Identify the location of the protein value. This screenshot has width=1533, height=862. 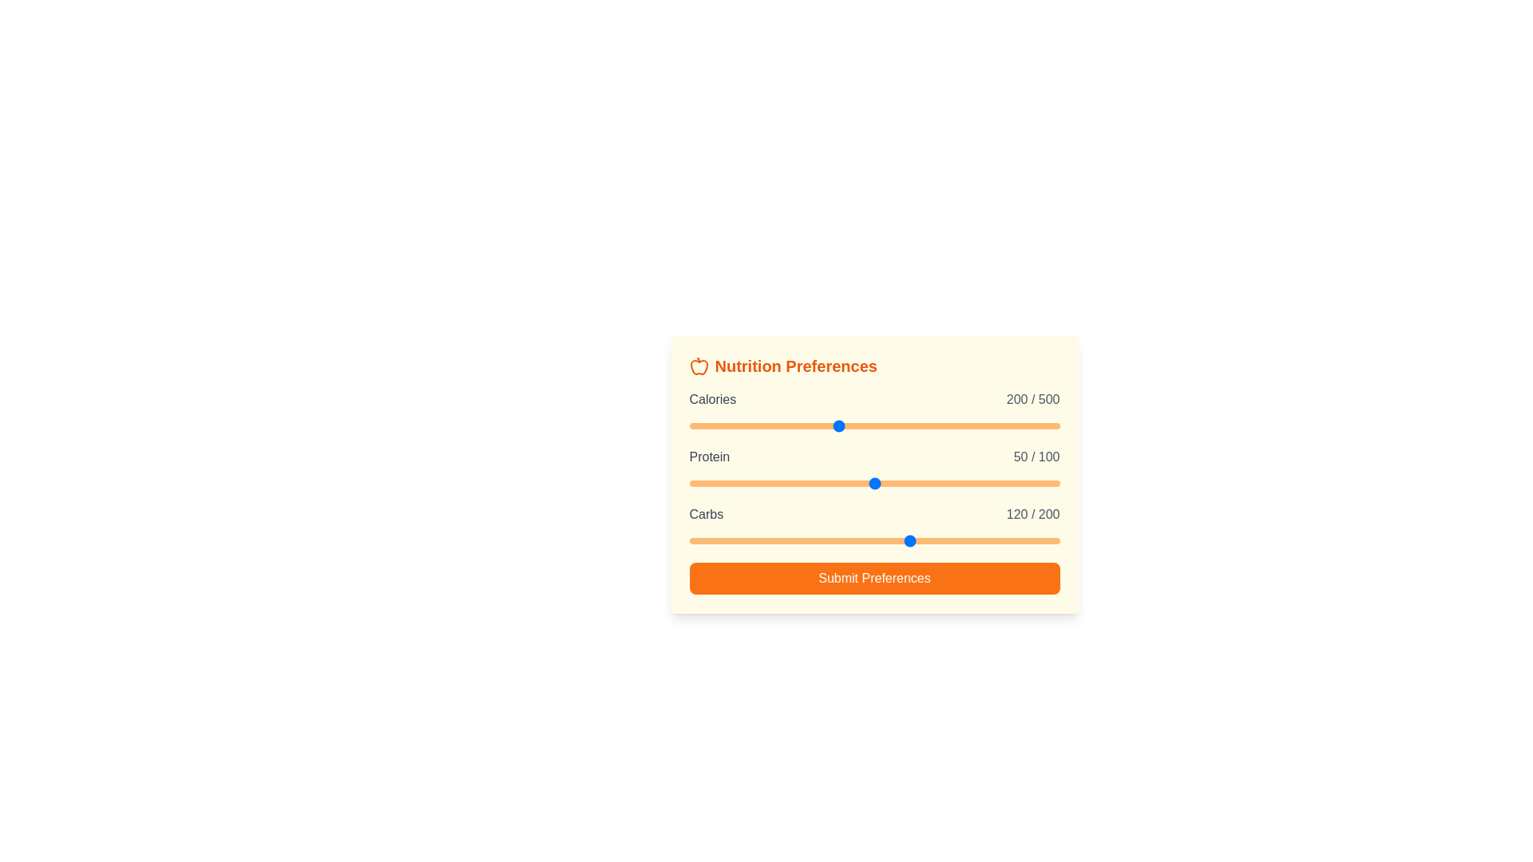
(855, 482).